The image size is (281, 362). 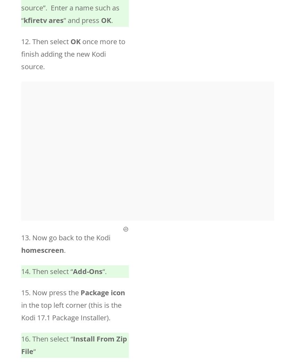 I want to click on 'Add-Ons', so click(x=87, y=271).